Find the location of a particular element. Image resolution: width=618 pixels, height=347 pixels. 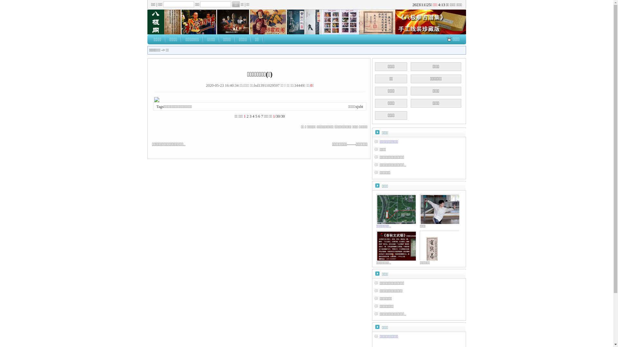

'1/30/30' is located at coordinates (279, 116).